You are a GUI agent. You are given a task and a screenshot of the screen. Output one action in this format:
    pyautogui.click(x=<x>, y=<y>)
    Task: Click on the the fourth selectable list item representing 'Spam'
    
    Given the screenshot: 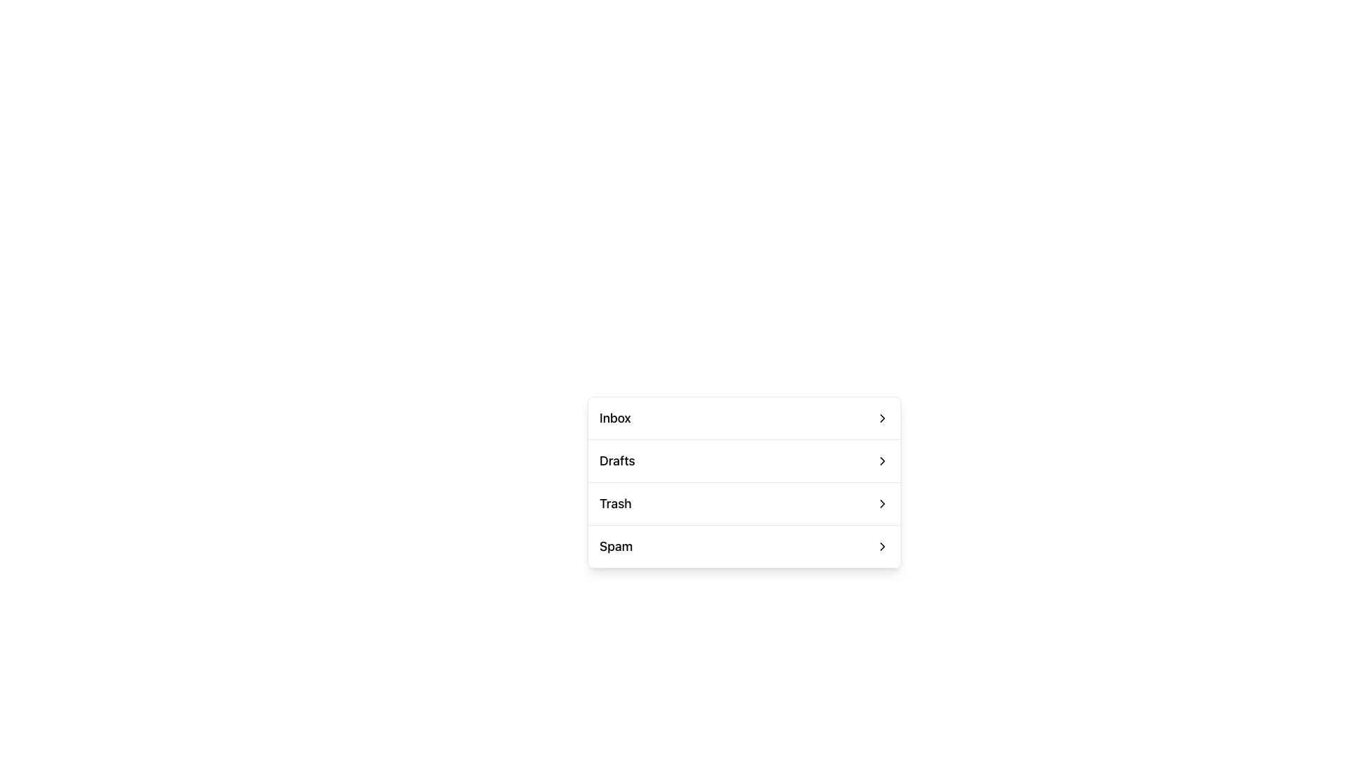 What is the action you would take?
    pyautogui.click(x=743, y=545)
    